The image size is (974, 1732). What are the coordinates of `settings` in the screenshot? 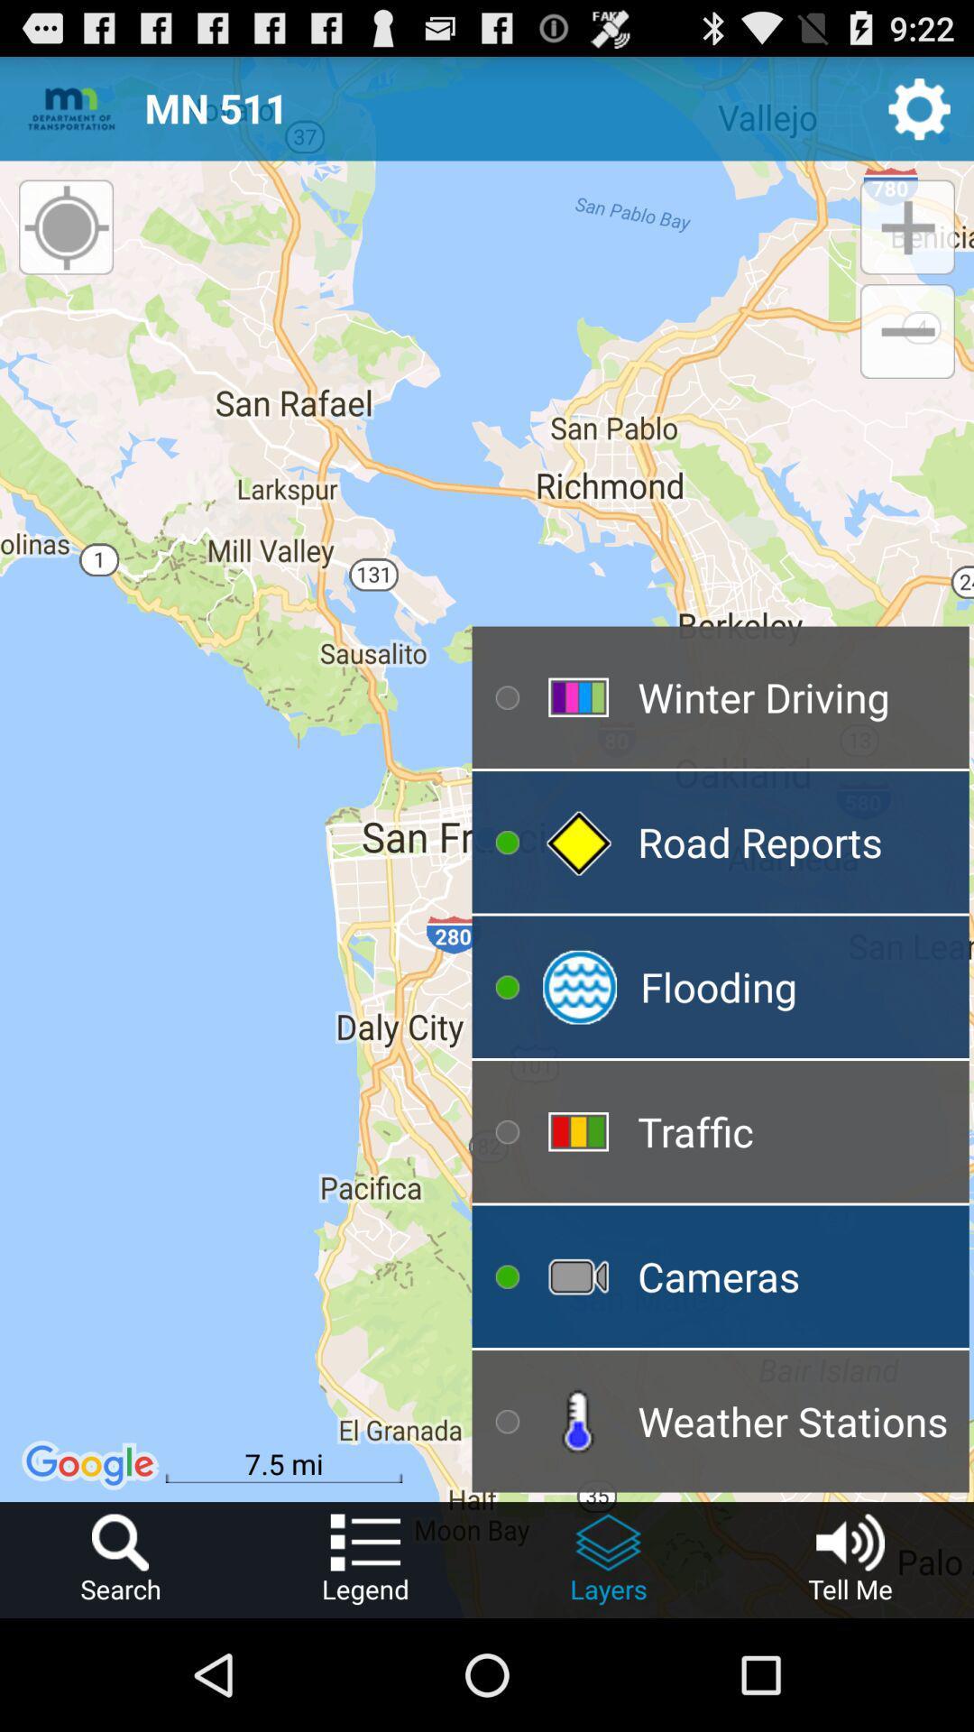 It's located at (919, 107).